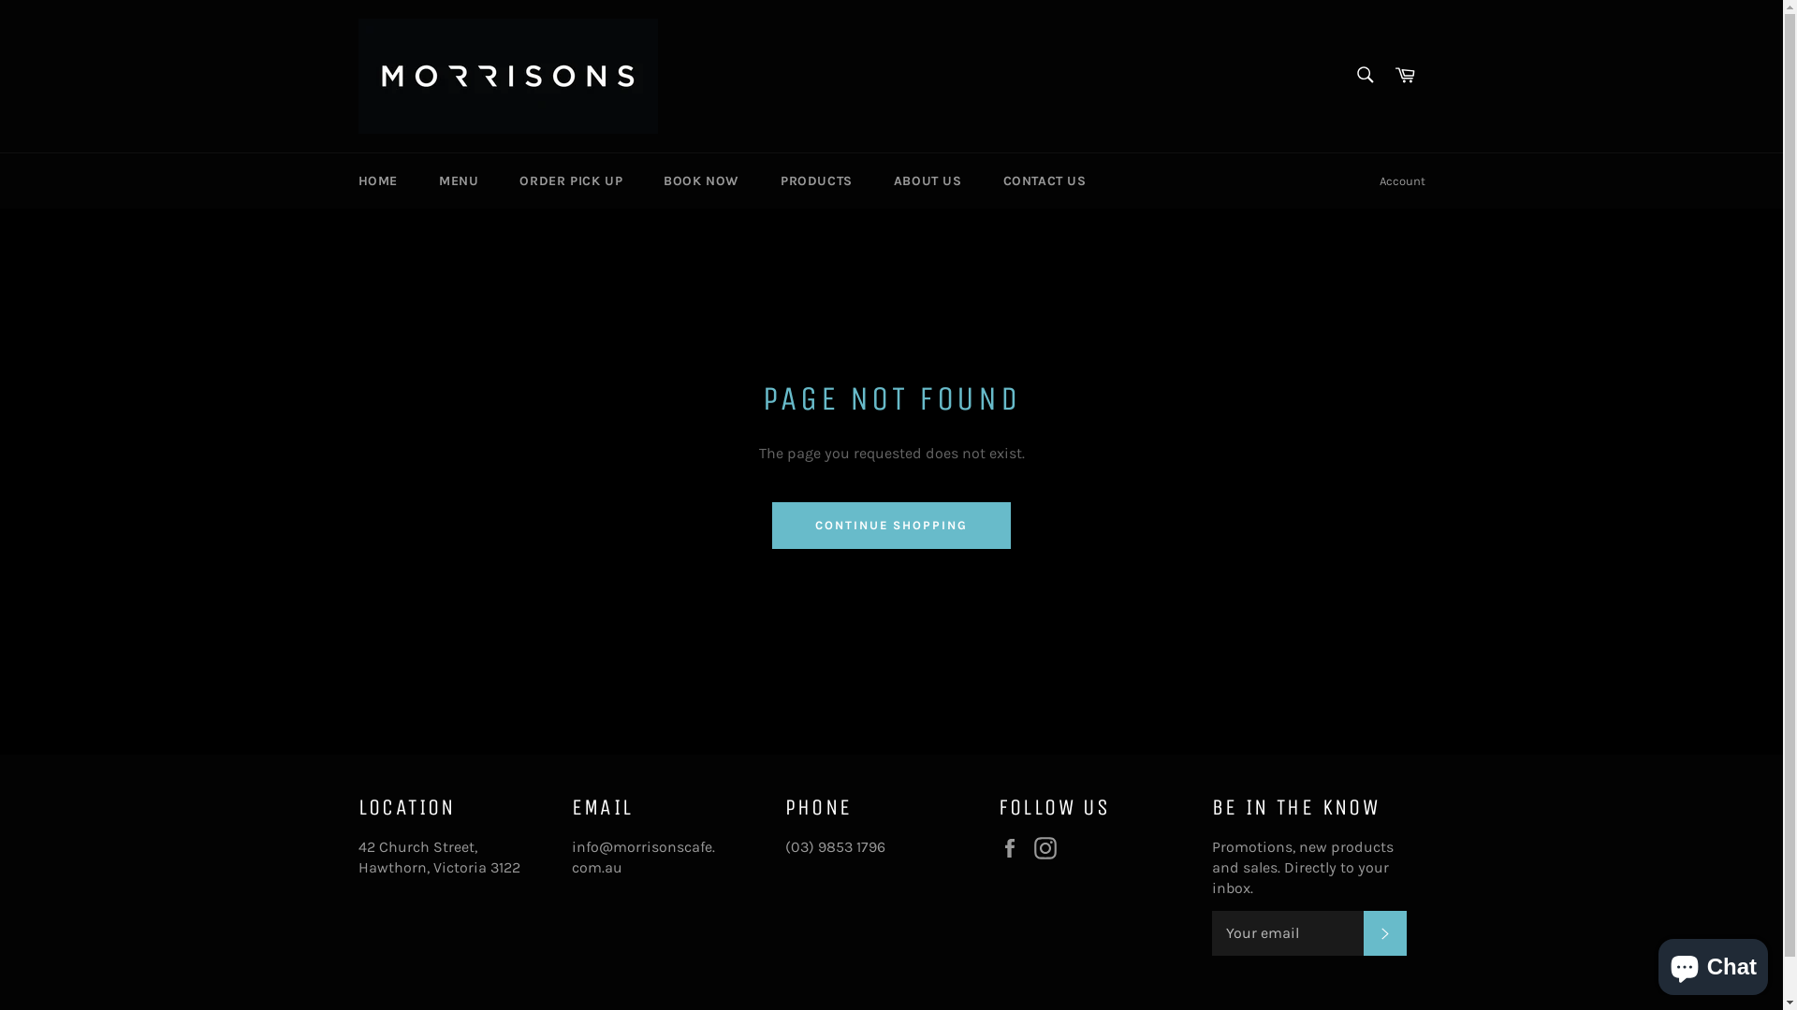 The width and height of the screenshot is (1797, 1010). I want to click on 'Account', so click(1402, 180).